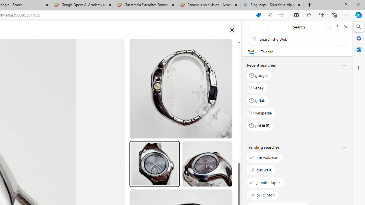 This screenshot has width=365, height=205. What do you see at coordinates (265, 182) in the screenshot?
I see `'jennifer lopez'` at bounding box center [265, 182].